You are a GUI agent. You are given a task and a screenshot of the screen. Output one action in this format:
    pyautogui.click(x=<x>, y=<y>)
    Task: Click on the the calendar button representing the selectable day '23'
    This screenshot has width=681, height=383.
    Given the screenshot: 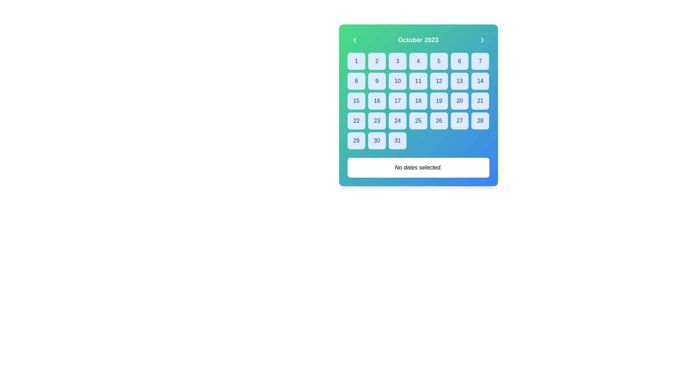 What is the action you would take?
    pyautogui.click(x=376, y=120)
    